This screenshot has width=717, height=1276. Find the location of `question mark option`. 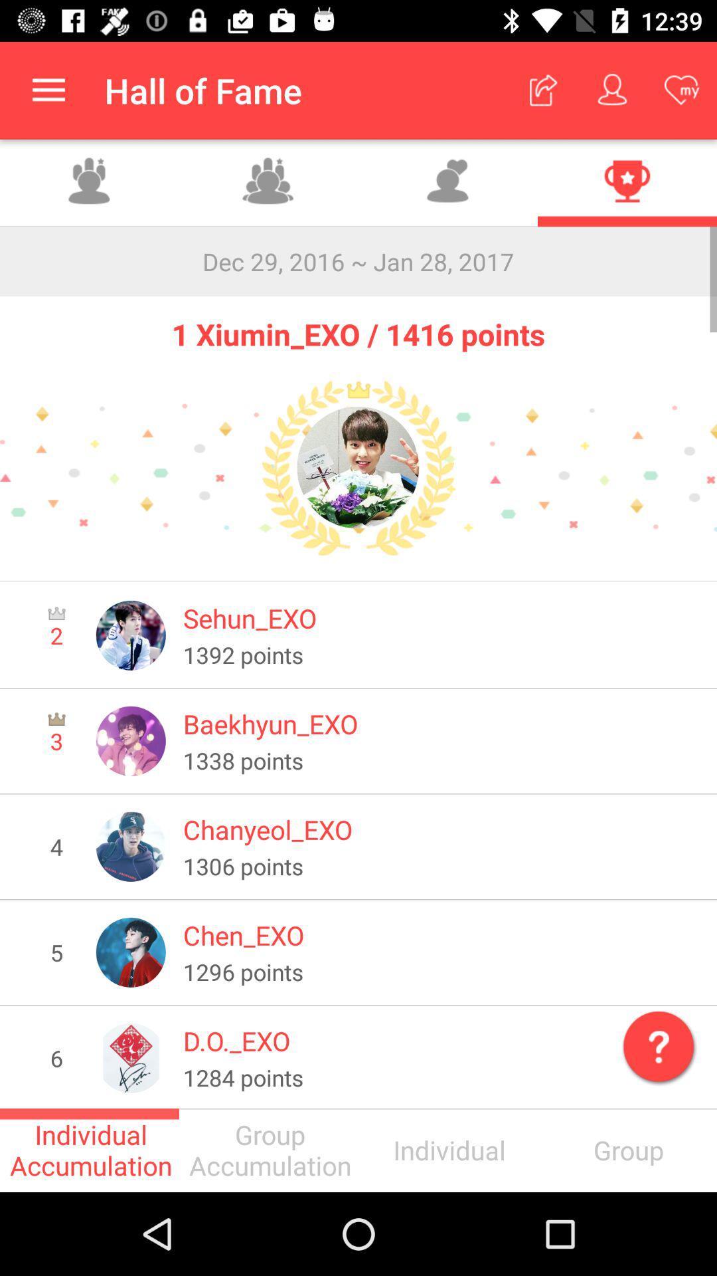

question mark option is located at coordinates (655, 1043).